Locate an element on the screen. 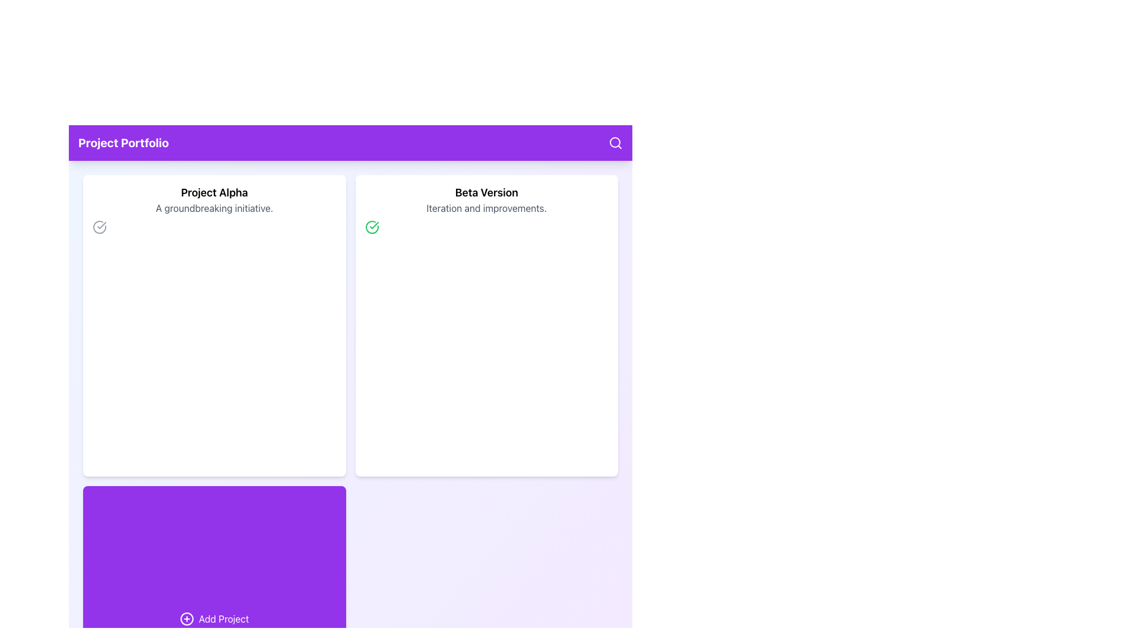 Image resolution: width=1140 pixels, height=641 pixels. the magnifying glass icon located in the top-right corner of the header section, which is aligned with the right edge of the purple header bar is located at coordinates (615, 142).